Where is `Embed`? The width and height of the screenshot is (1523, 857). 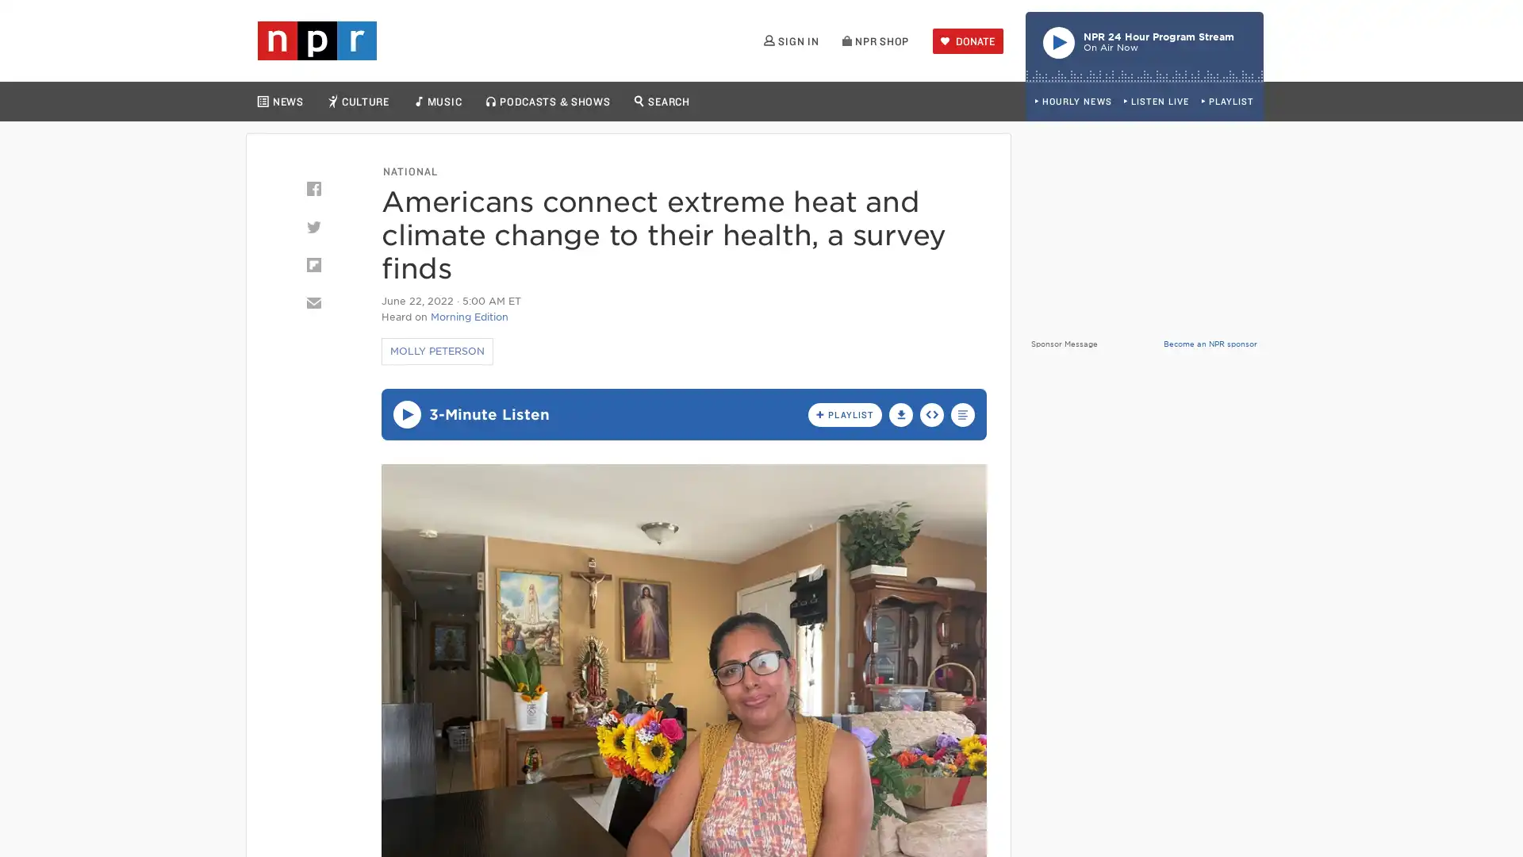
Embed is located at coordinates (932, 413).